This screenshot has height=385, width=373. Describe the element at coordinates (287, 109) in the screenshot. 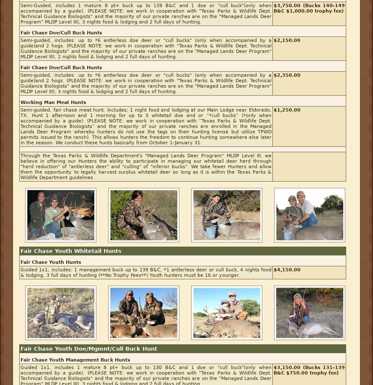

I see `'$1,250.00'` at that location.